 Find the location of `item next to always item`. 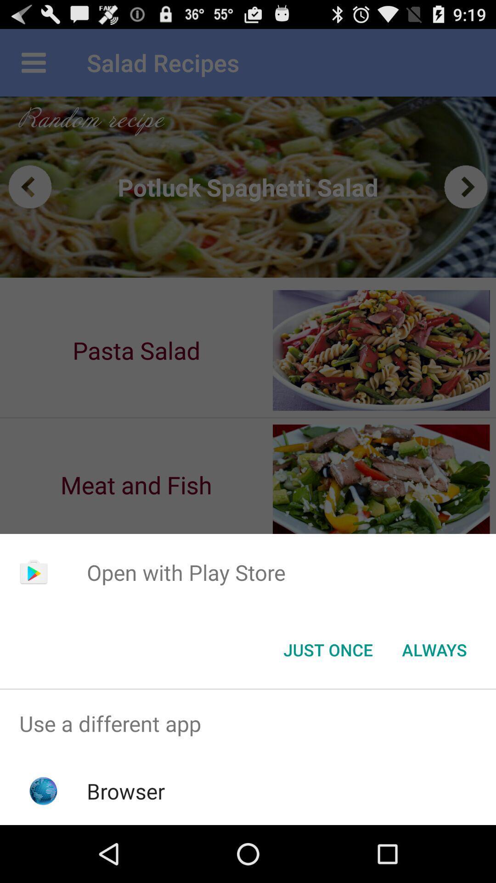

item next to always item is located at coordinates (327, 649).